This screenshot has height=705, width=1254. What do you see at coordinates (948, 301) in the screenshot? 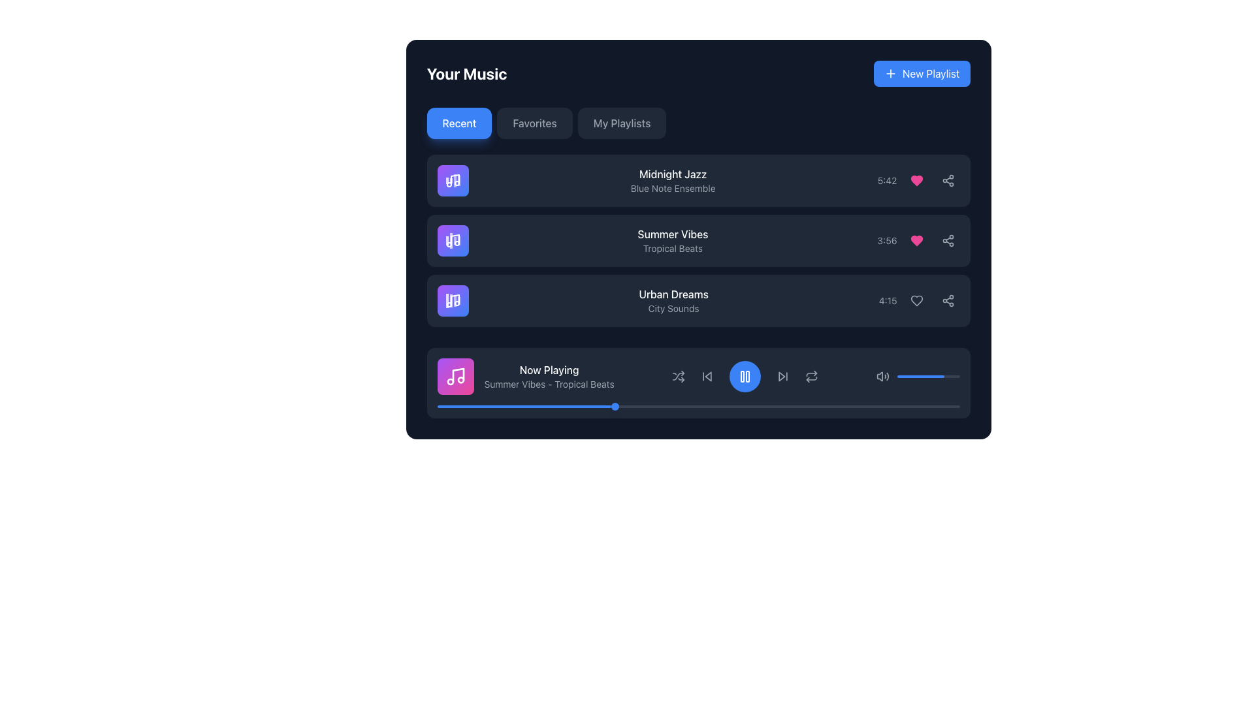
I see `the circular button with a gray outline and share icon located in the 'Your Music' section for the track 'Urban Dreams'` at bounding box center [948, 301].